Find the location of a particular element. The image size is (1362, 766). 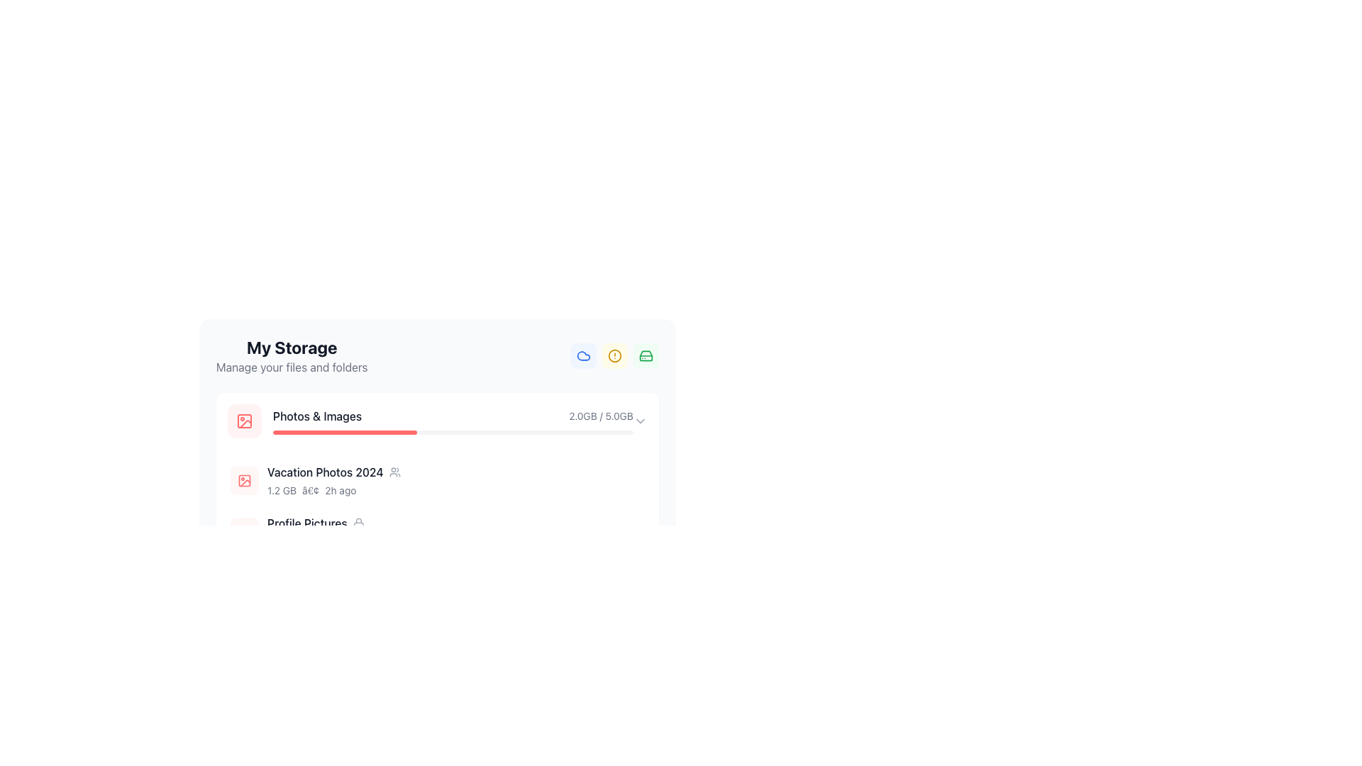

the list row component titled 'Vacation Photos 2024' in the 'My Storage' interface is located at coordinates (437, 480).